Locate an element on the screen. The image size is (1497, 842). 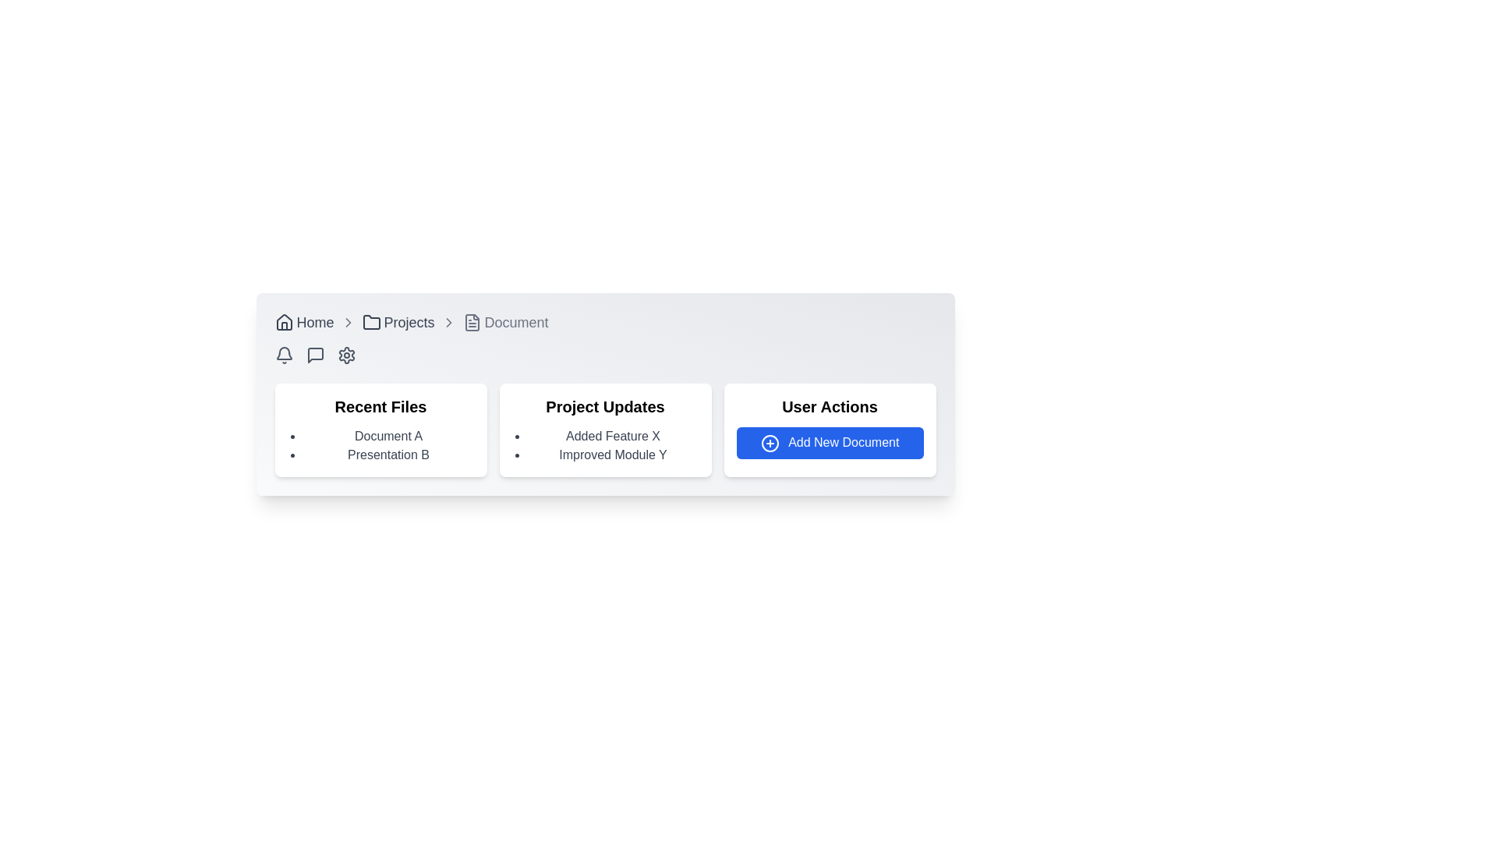
the 'Document' breadcrumb link, which is the third item in the breadcrumb navigation bar, located to the right of 'Projects' is located at coordinates (505, 321).